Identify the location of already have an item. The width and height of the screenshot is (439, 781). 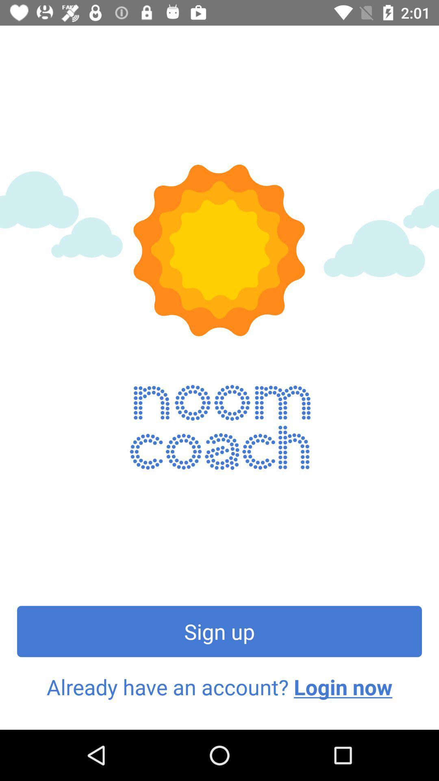
(219, 687).